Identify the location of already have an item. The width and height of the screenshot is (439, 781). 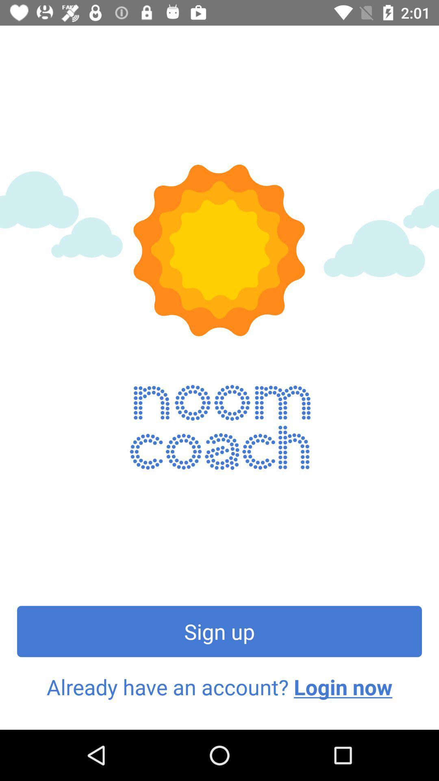
(219, 687).